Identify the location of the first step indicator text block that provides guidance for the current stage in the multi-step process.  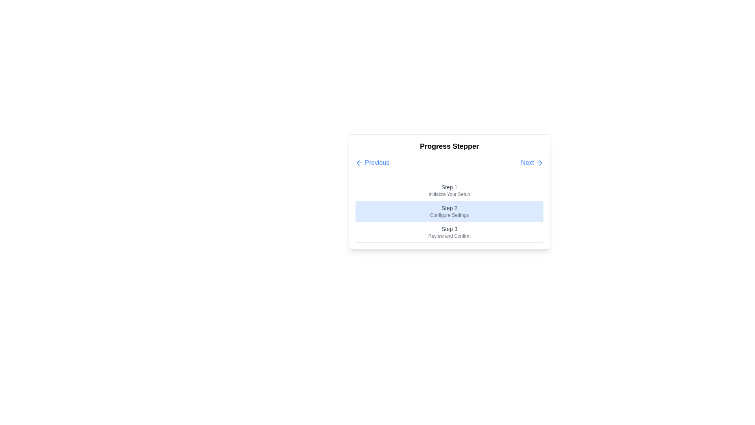
(449, 190).